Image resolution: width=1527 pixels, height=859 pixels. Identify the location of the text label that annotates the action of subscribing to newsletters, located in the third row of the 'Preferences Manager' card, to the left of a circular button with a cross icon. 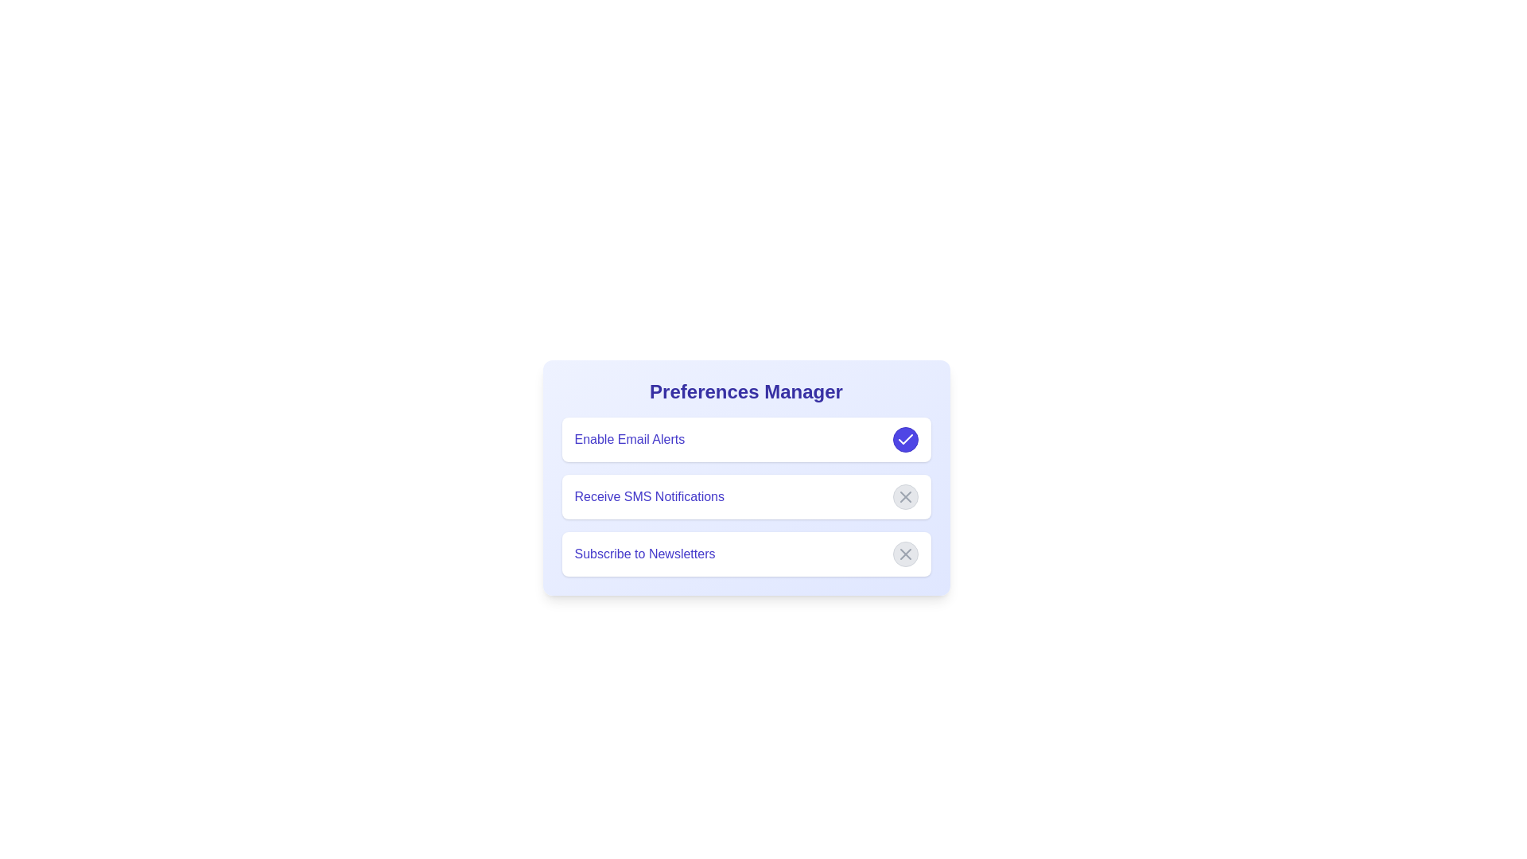
(645, 554).